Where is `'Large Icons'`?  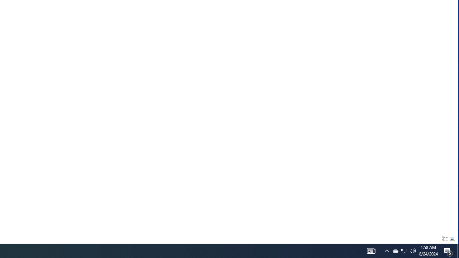
'Large Icons' is located at coordinates (452, 239).